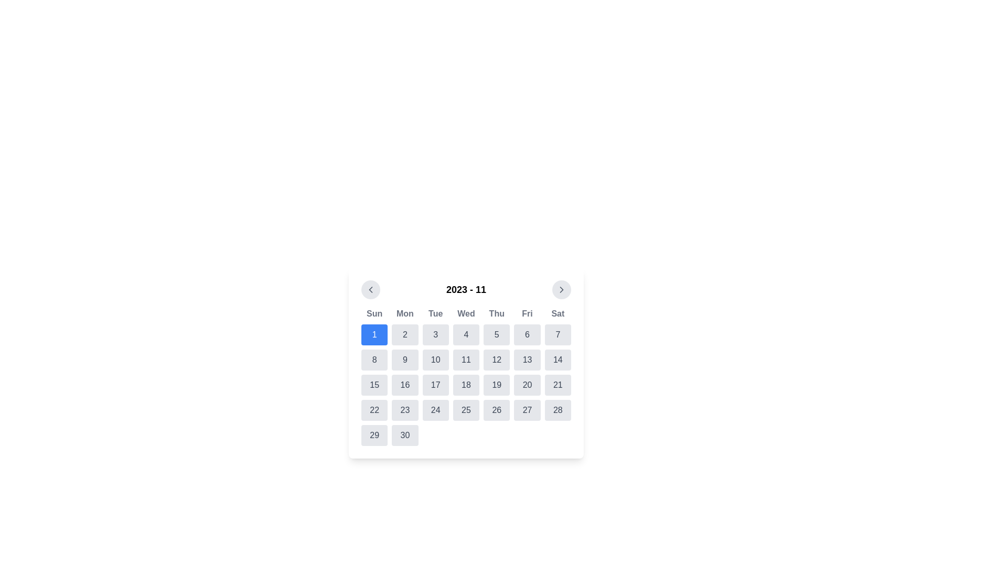 This screenshot has height=566, width=1007. What do you see at coordinates (465, 313) in the screenshot?
I see `the row of textual headers displaying the days of the week (Sun, Mon, Tue, Wed, Thu, Fri, Sat) located beneath the current month title (2023 - 11) in the calendar interface` at bounding box center [465, 313].